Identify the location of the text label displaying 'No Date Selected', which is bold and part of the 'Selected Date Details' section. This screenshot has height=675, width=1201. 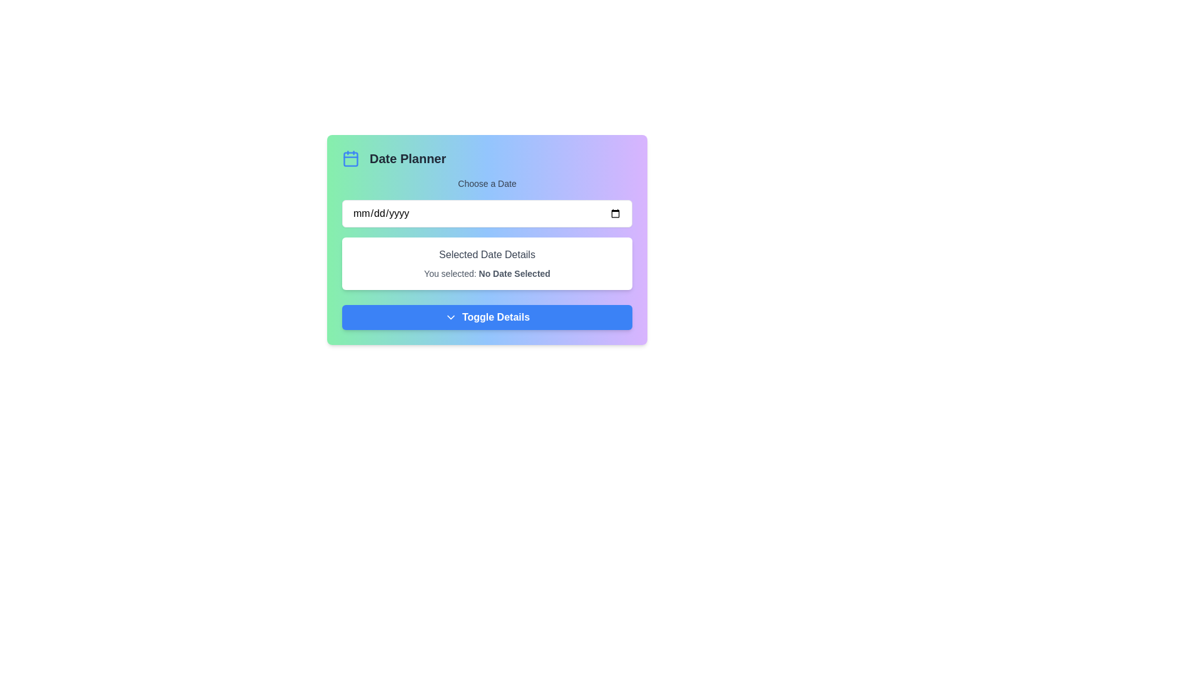
(514, 273).